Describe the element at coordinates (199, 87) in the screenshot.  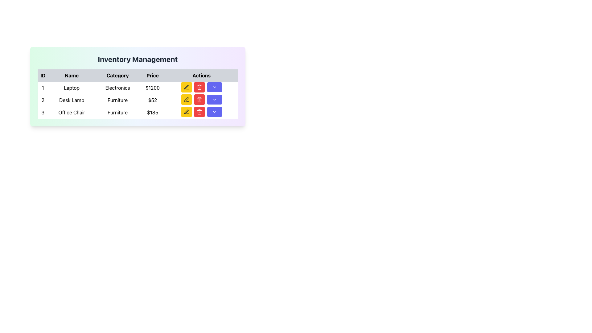
I see `the red button with a trash can icon in the 'Actions' column` at that location.